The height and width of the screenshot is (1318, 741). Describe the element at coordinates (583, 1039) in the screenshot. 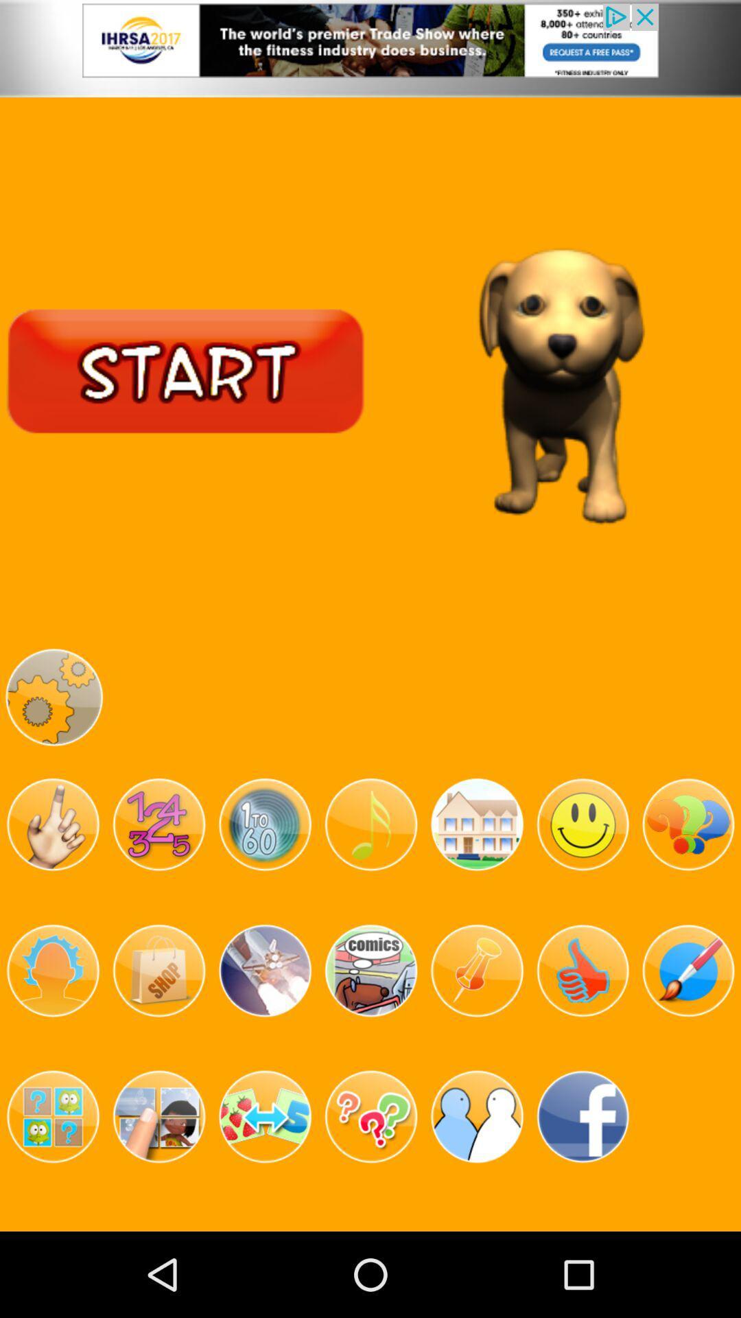

I see `the thumbs_up icon` at that location.